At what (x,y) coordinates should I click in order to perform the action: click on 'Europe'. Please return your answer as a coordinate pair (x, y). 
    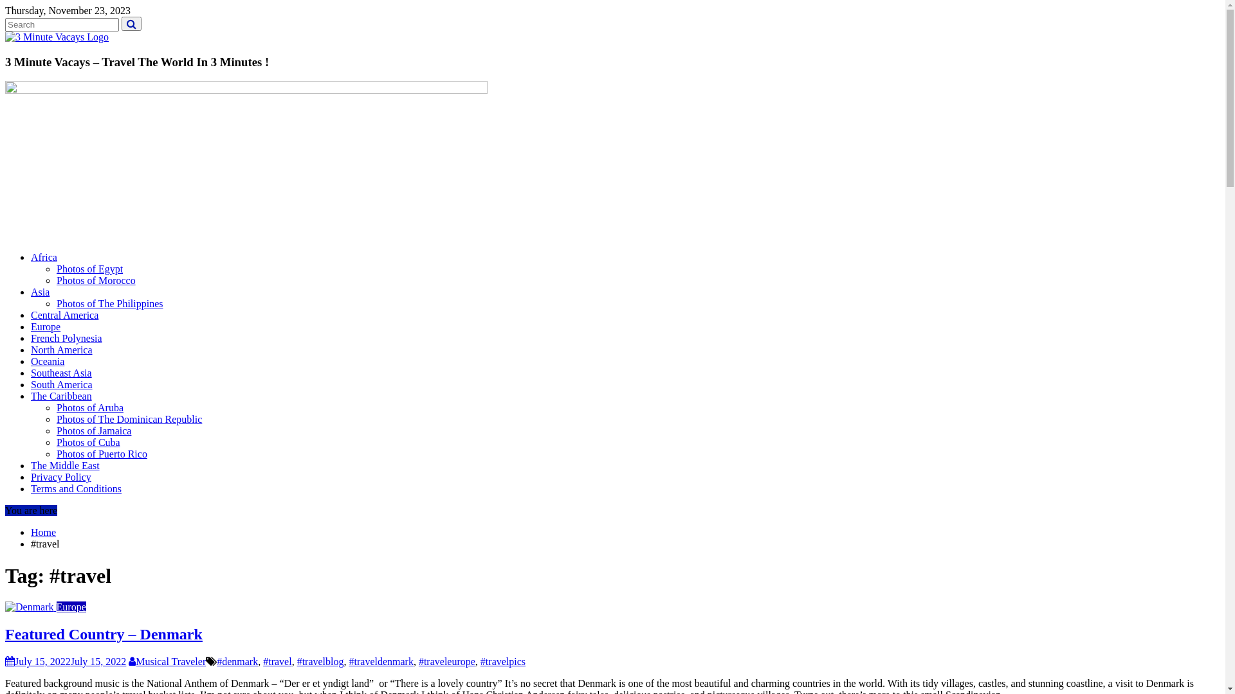
    Looking at the image, I should click on (55, 607).